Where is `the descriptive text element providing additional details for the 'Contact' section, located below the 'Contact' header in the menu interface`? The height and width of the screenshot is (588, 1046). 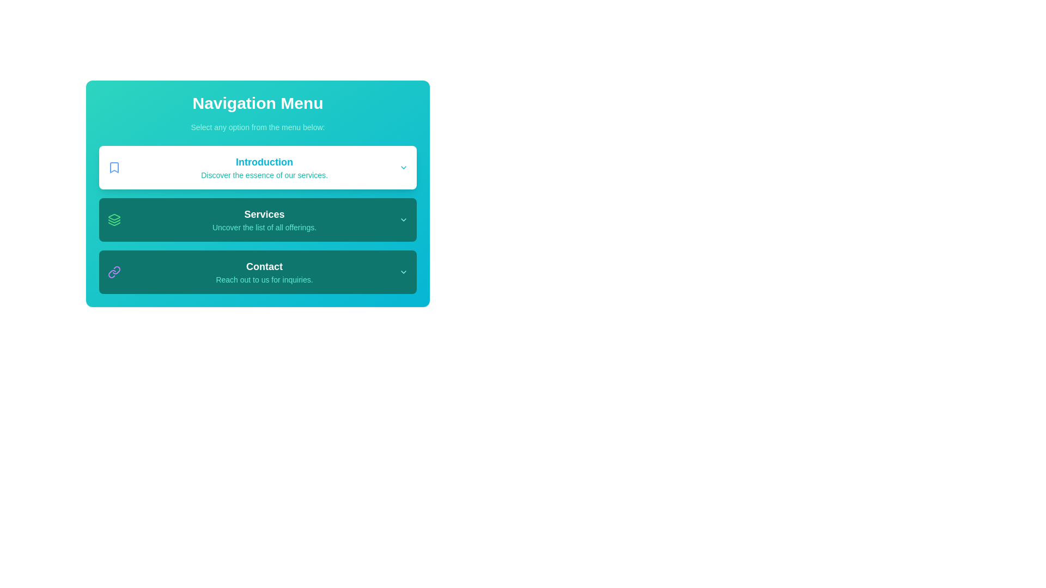
the descriptive text element providing additional details for the 'Contact' section, located below the 'Contact' header in the menu interface is located at coordinates (264, 279).